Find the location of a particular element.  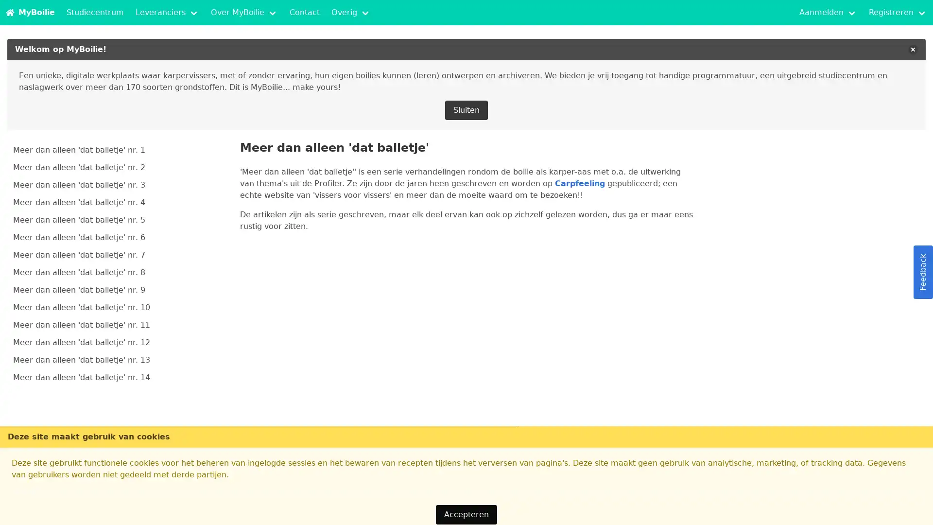

Accepteren is located at coordinates (466, 514).